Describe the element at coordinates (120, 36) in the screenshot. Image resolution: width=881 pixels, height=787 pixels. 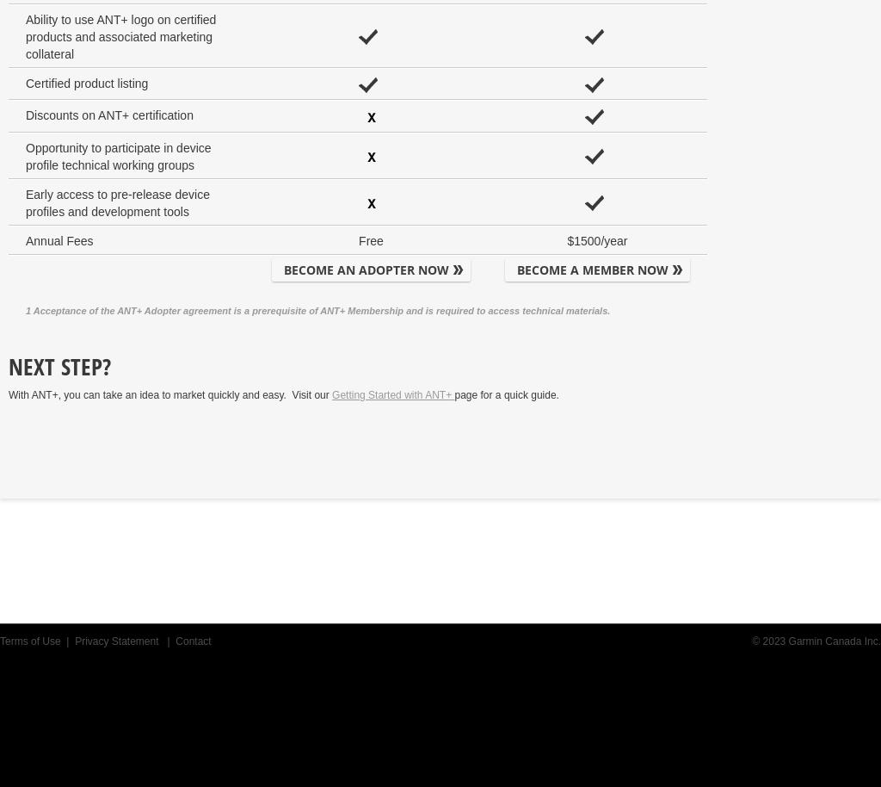
I see `'Ability to use ANT+ logo on certified products and associated marketing collateral'` at that location.